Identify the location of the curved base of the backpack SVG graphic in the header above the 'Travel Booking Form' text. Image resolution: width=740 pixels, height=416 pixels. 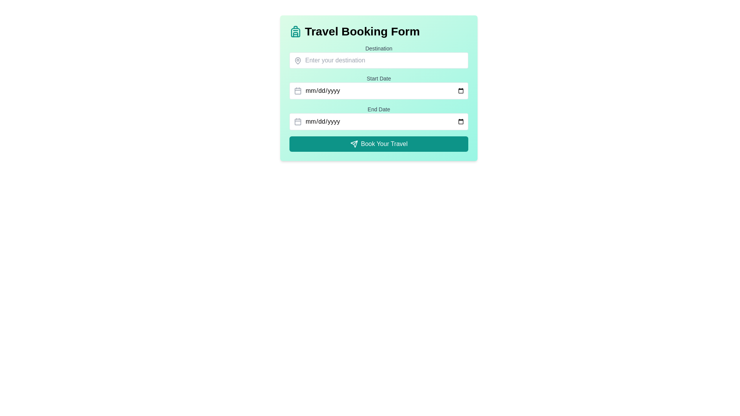
(295, 34).